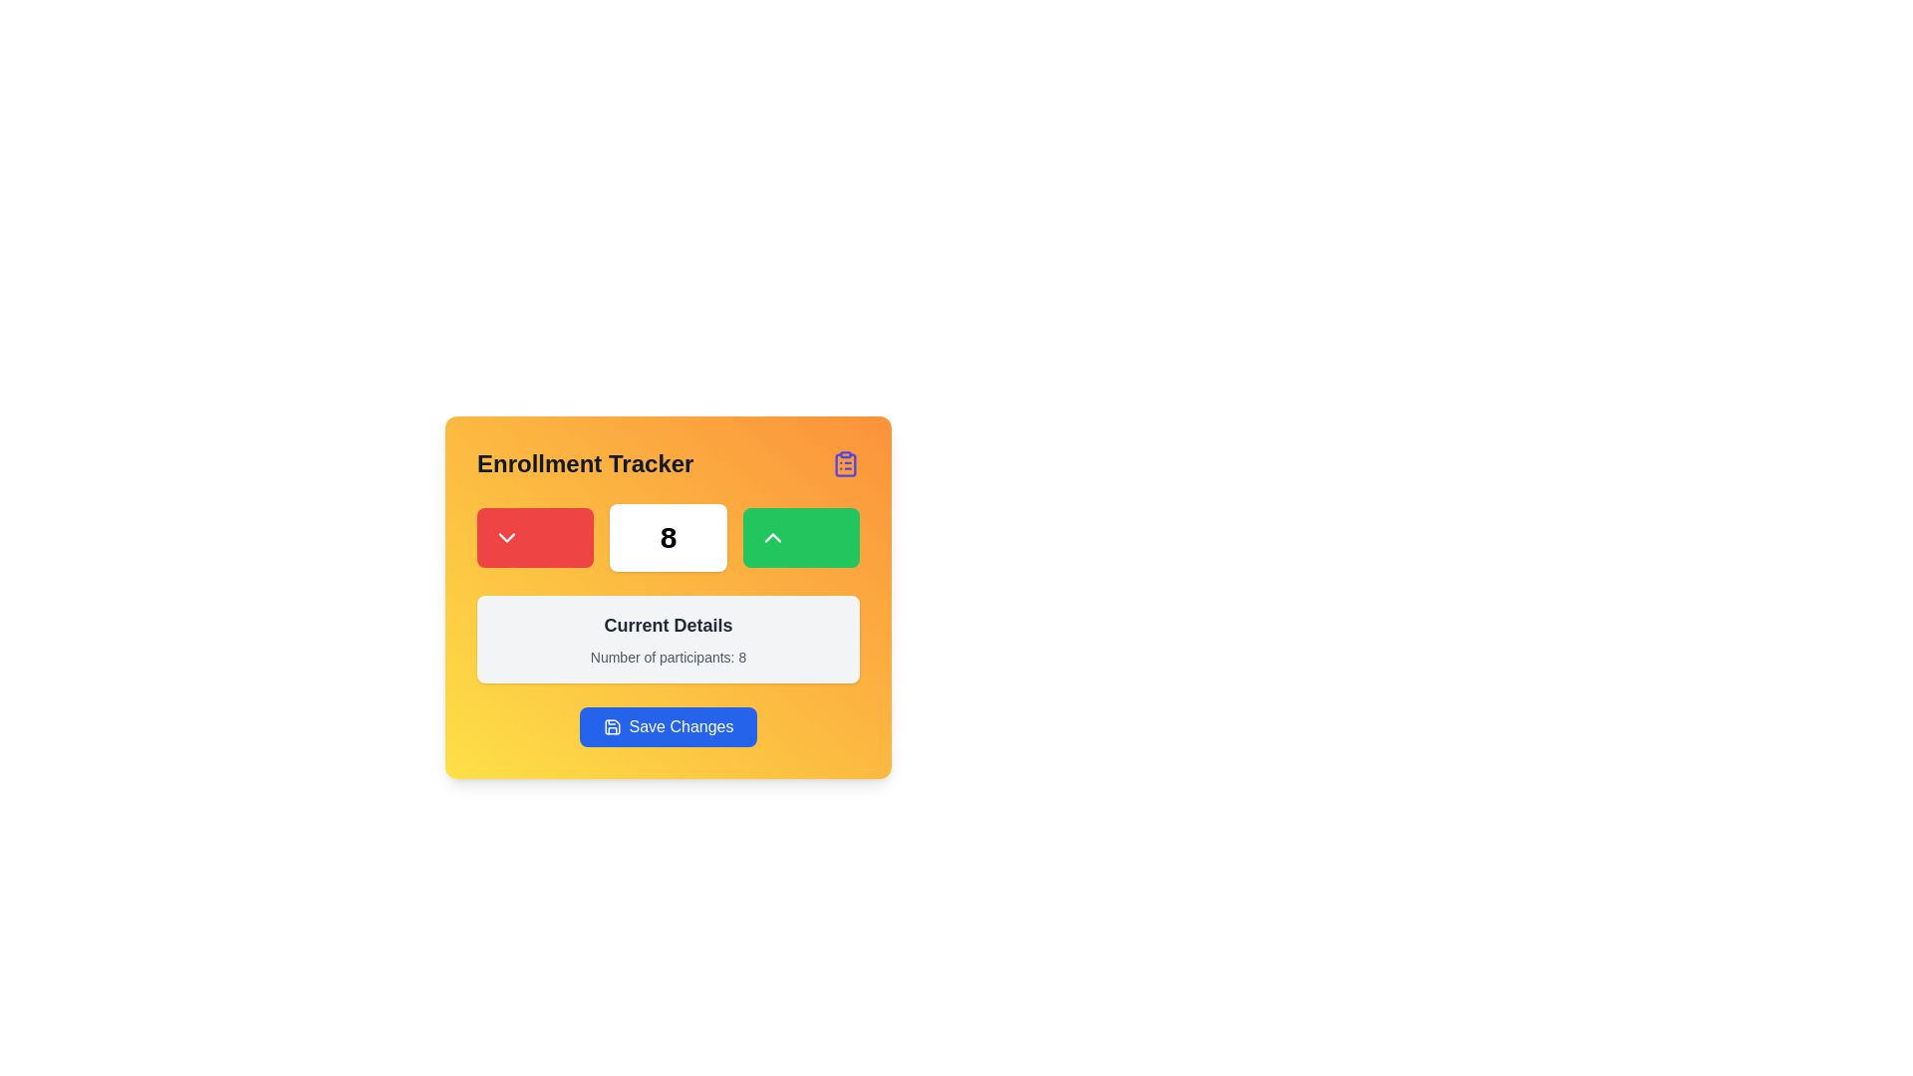 This screenshot has height=1076, width=1913. Describe the element at coordinates (801, 538) in the screenshot. I see `the increment button positioned to the right of the white box displaying the number '8' to increment its value` at that location.